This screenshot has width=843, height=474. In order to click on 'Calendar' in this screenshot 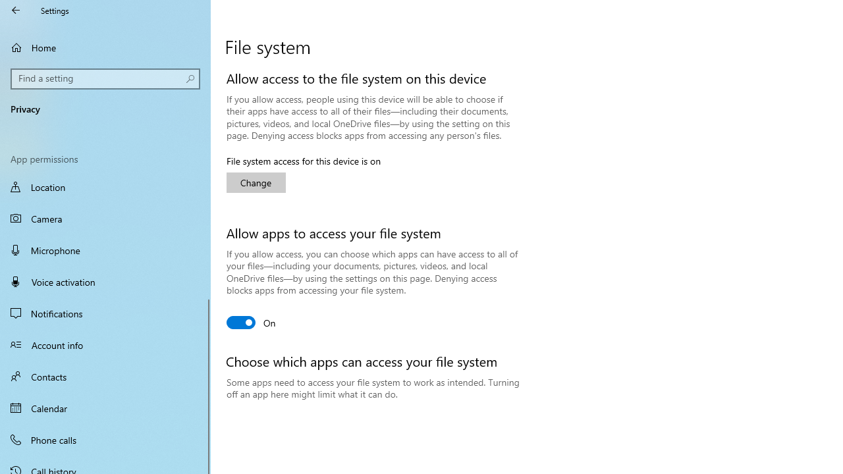, I will do `click(105, 407)`.